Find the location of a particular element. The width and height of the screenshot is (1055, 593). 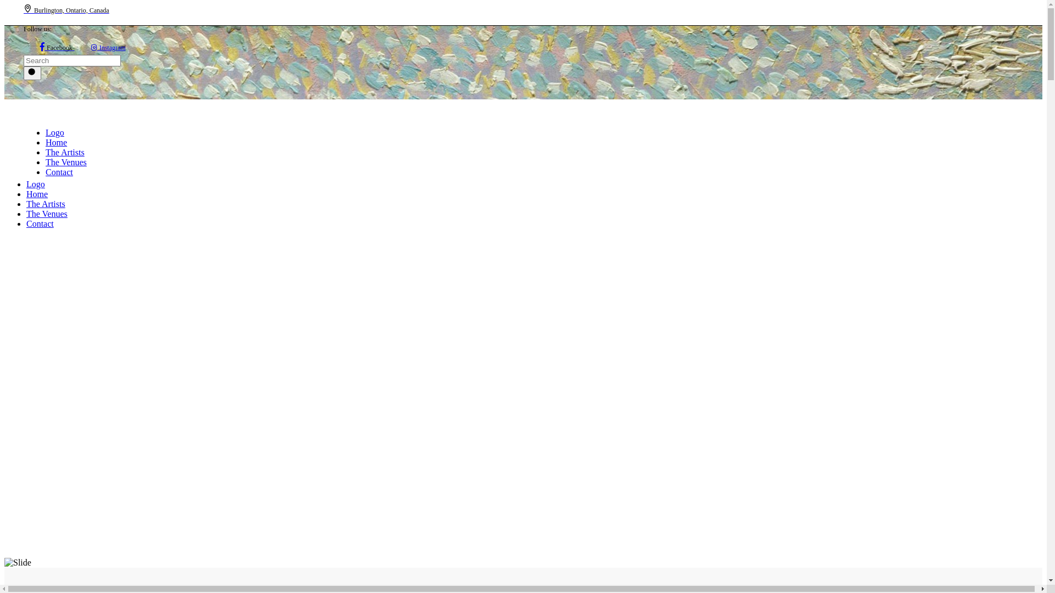

'The Artists' is located at coordinates (45, 204).